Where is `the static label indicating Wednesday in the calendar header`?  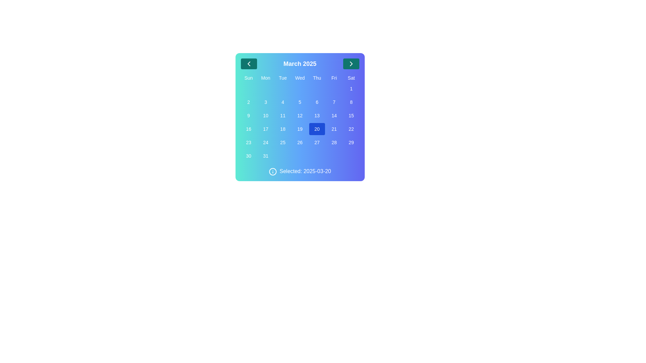
the static label indicating Wednesday in the calendar header is located at coordinates (299, 77).